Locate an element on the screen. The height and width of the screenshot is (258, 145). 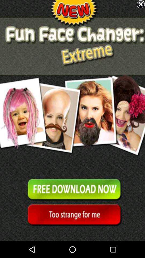
the close icon is located at coordinates (141, 4).